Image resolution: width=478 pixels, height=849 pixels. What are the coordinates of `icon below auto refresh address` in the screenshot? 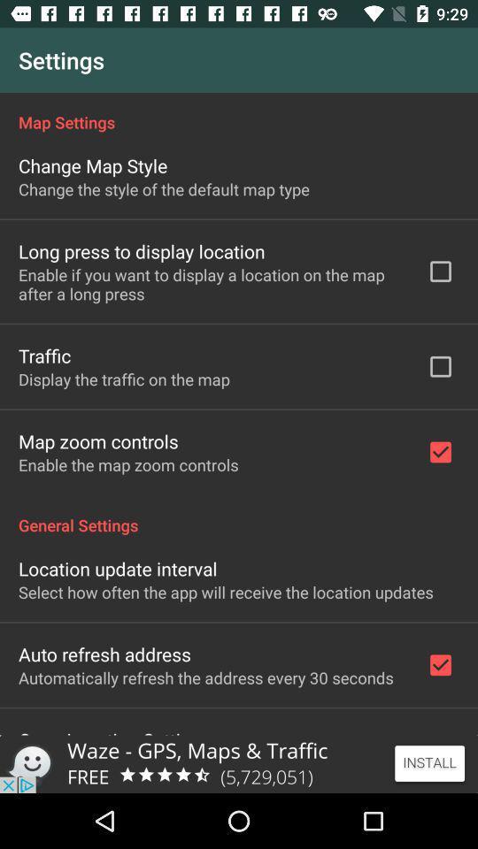 It's located at (204, 677).